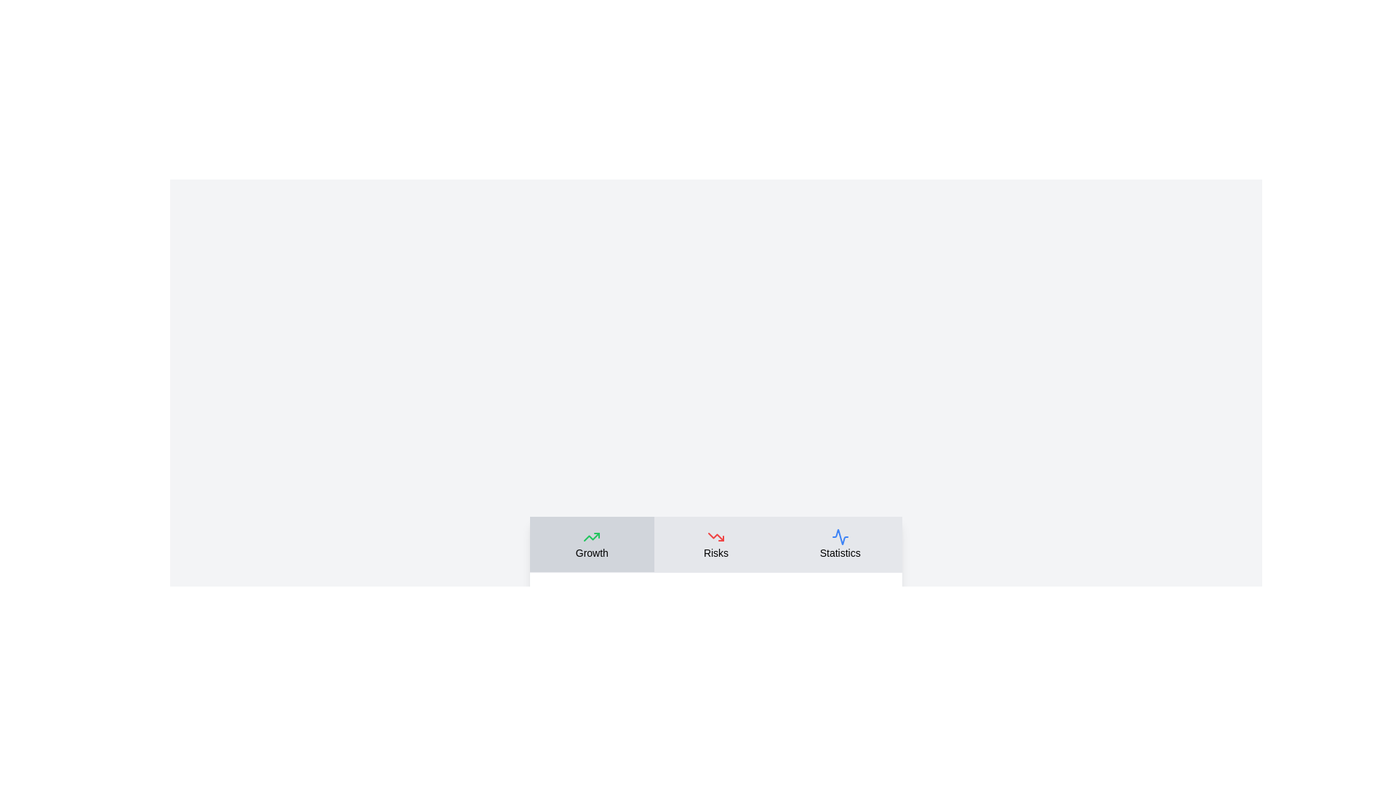 This screenshot has width=1396, height=785. What do you see at coordinates (715, 544) in the screenshot?
I see `the tab labeled Risks to observe its visual change` at bounding box center [715, 544].